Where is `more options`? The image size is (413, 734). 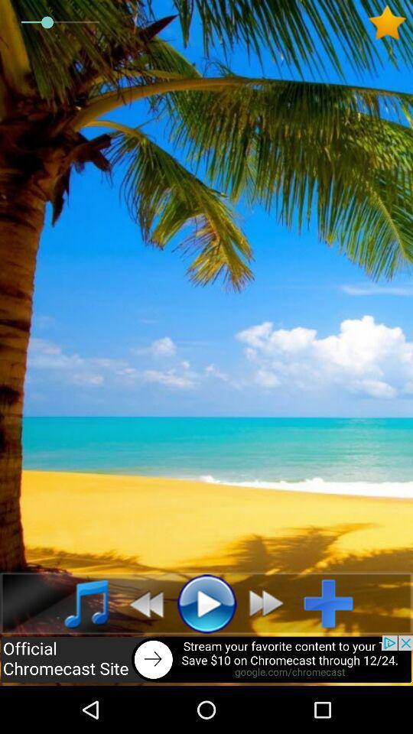
more options is located at coordinates (333, 603).